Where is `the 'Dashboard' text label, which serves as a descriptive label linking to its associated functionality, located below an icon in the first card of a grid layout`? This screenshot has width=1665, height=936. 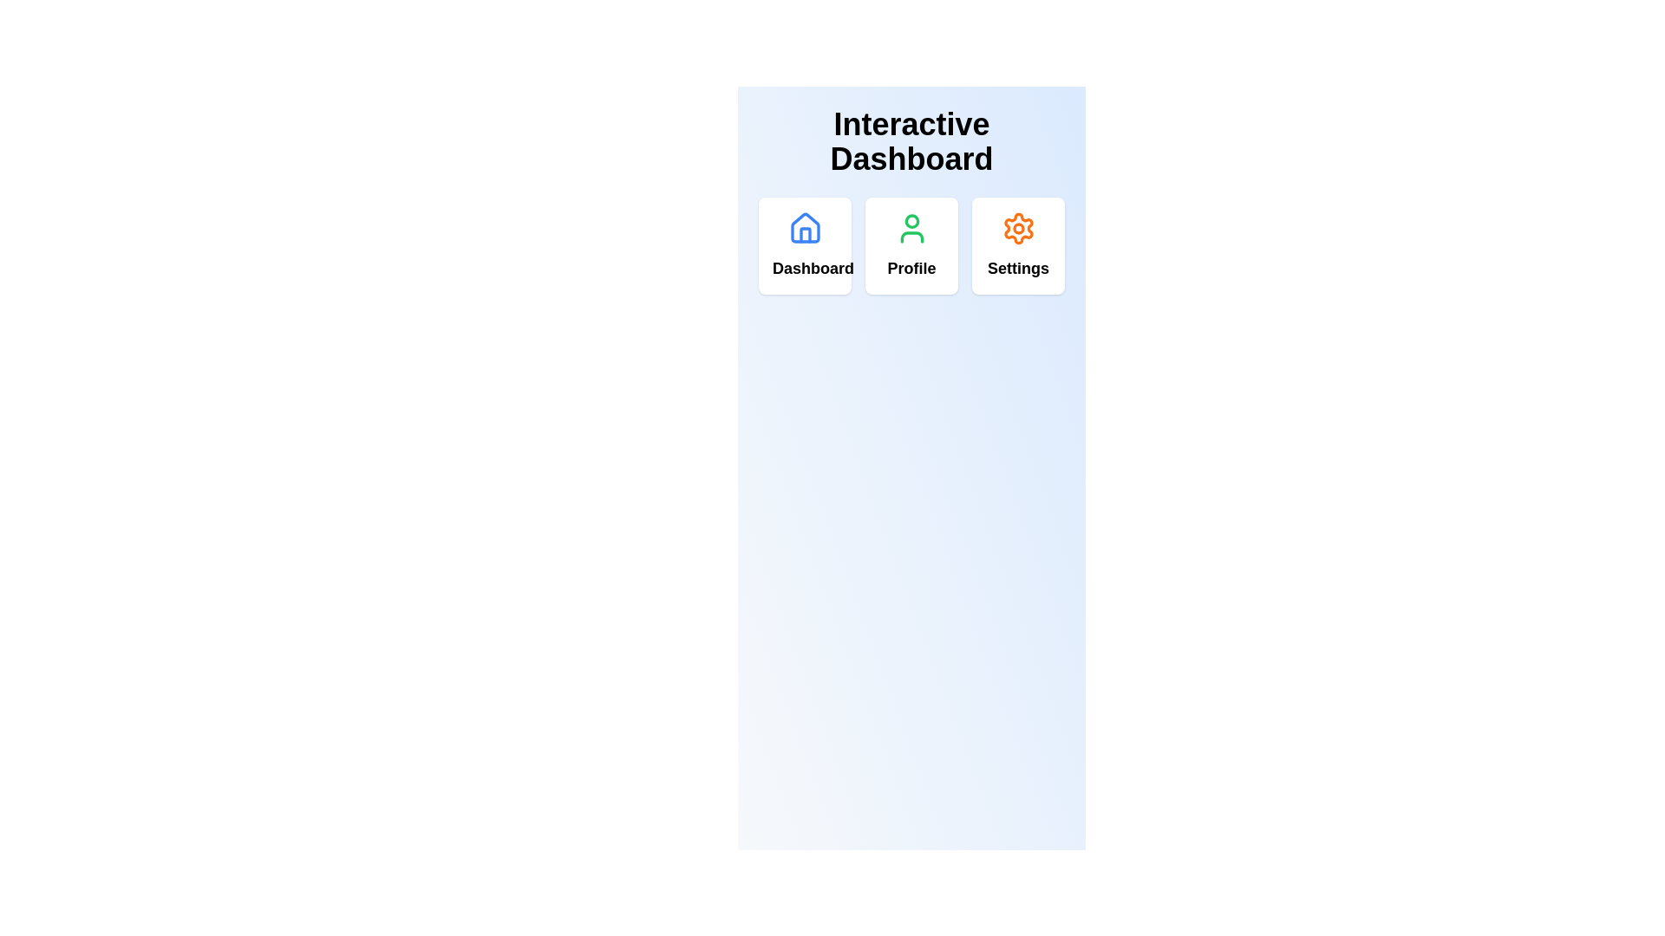
the 'Dashboard' text label, which serves as a descriptive label linking to its associated functionality, located below an icon in the first card of a grid layout is located at coordinates (804, 268).